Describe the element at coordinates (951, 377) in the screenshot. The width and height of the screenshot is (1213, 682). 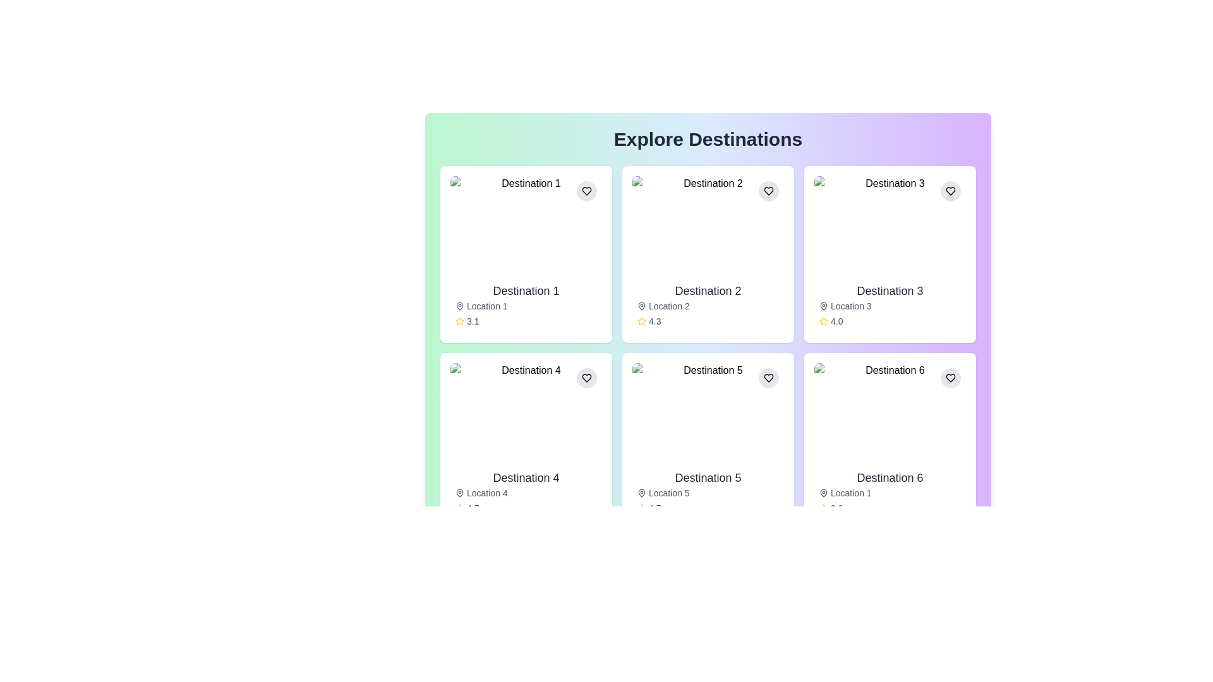
I see `the favorite button located` at that location.